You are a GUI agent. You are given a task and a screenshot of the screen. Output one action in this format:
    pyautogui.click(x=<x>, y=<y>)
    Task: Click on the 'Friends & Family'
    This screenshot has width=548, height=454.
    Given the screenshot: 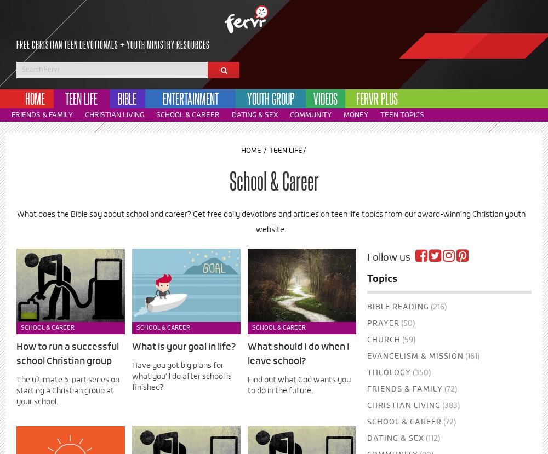 What is the action you would take?
    pyautogui.click(x=367, y=389)
    